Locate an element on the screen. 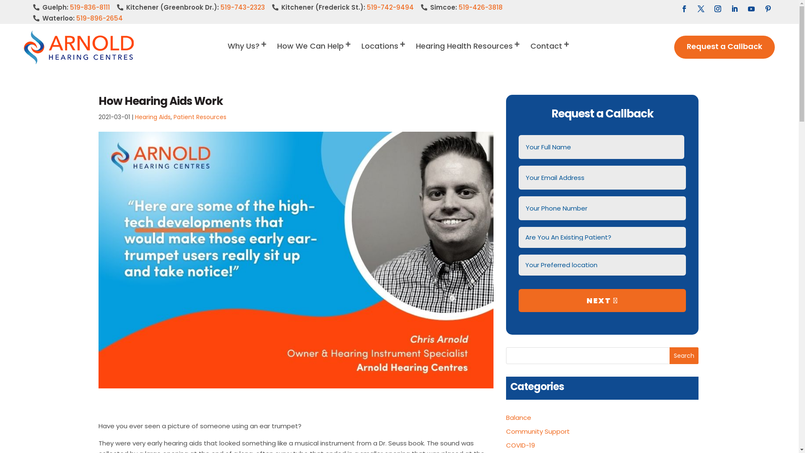 The height and width of the screenshot is (453, 805). 'Hearing Health Resources' is located at coordinates (468, 53).